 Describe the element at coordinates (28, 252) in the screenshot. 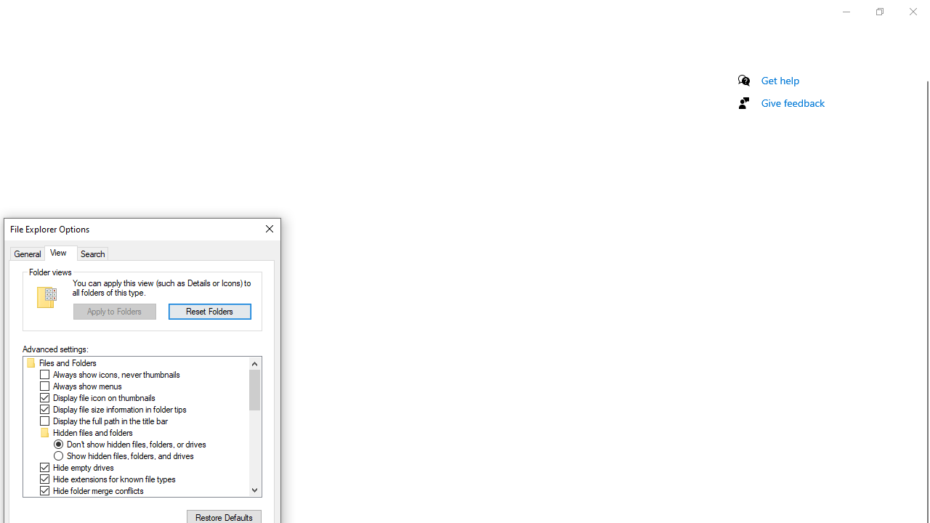

I see `'General'` at that location.